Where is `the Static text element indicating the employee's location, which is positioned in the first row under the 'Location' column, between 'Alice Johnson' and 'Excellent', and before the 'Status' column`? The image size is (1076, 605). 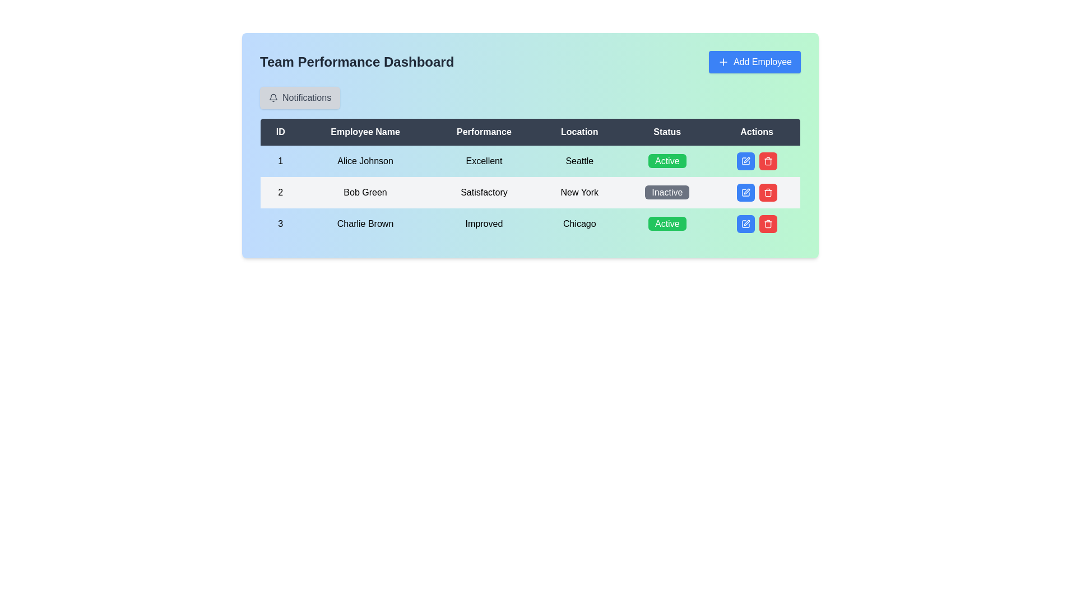 the Static text element indicating the employee's location, which is positioned in the first row under the 'Location' column, between 'Alice Johnson' and 'Excellent', and before the 'Status' column is located at coordinates (579, 161).